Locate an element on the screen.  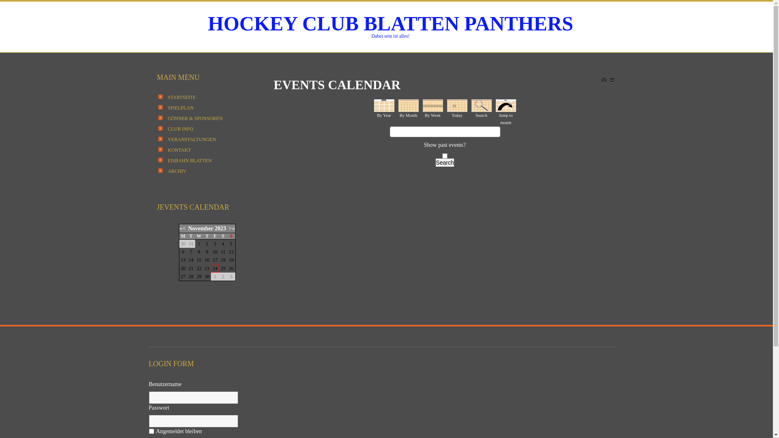
'CLUB INFO' is located at coordinates (180, 128).